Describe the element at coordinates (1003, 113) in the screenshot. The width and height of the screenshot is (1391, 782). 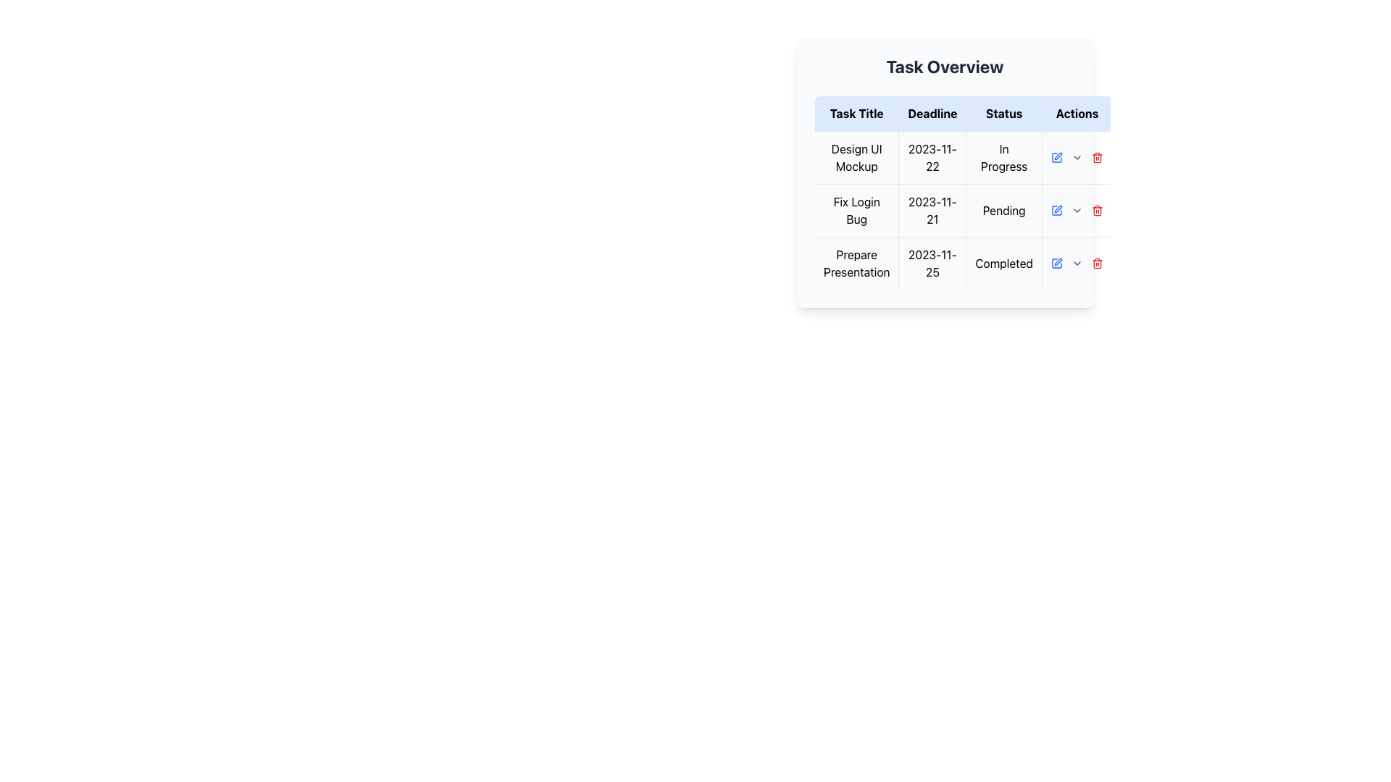
I see `the Table Header Cell labeled 'Status', which is the third cell in the header row of a data table, characterized by a light blue background and bold black text` at that location.